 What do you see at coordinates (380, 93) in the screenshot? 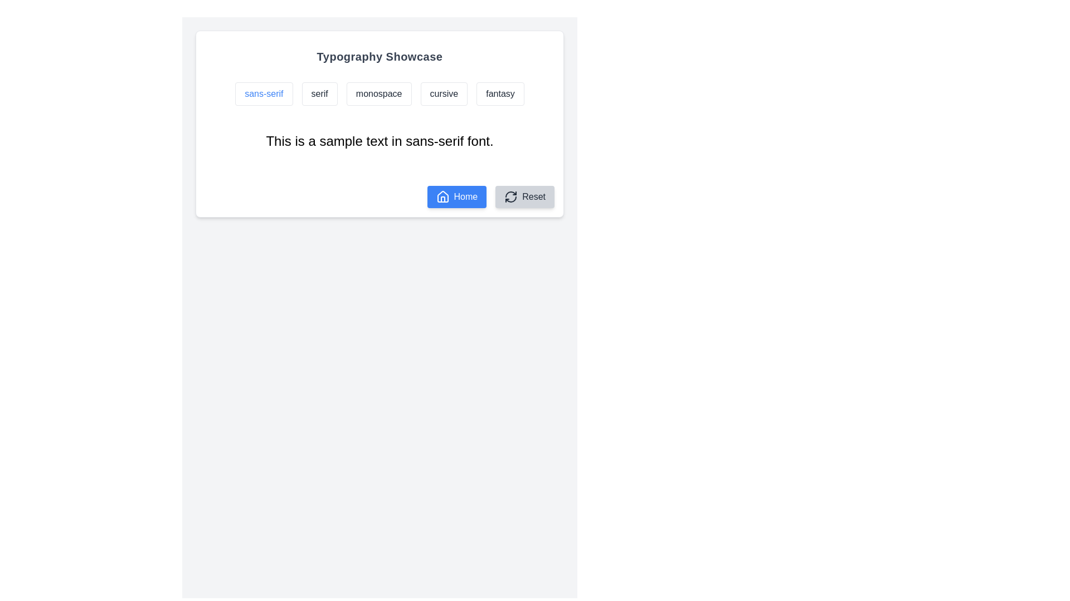
I see `the 'monospace' button, which is the third button in the 'Typography Showcase' card, featuring a gray color that transitions to blue on hover` at bounding box center [380, 93].